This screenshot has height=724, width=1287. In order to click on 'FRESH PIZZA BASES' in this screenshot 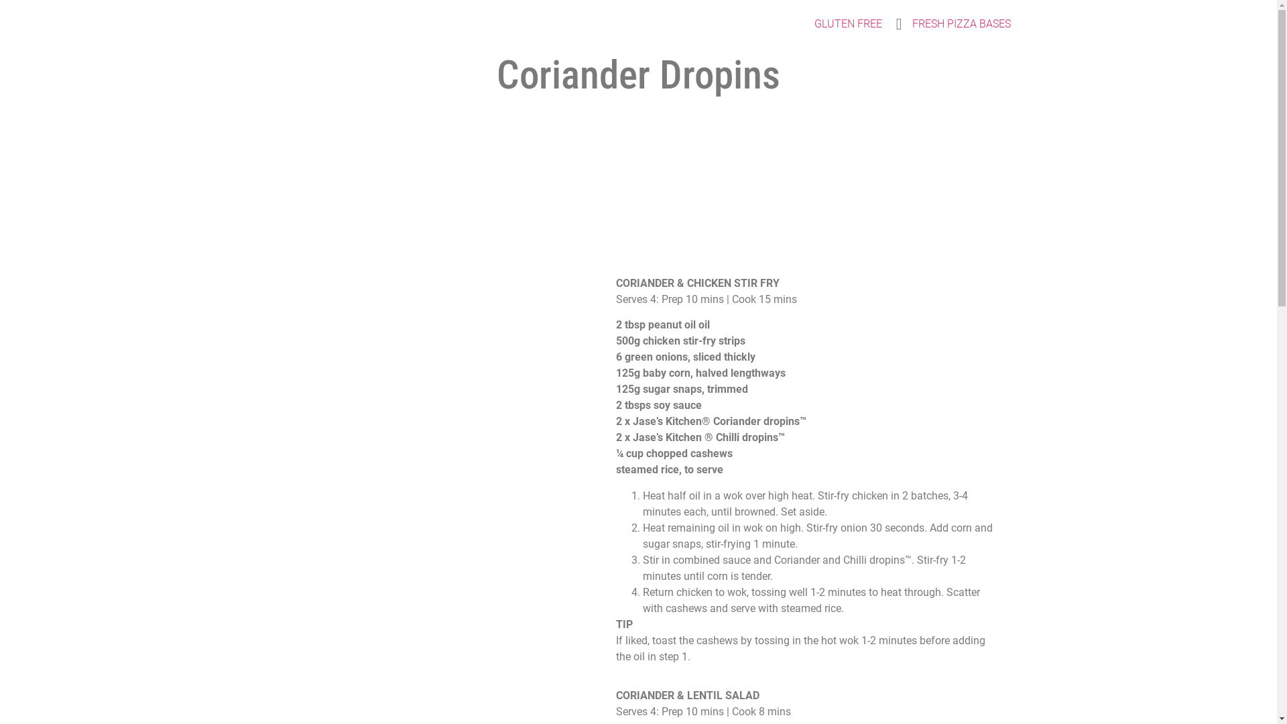, I will do `click(902, 23)`.